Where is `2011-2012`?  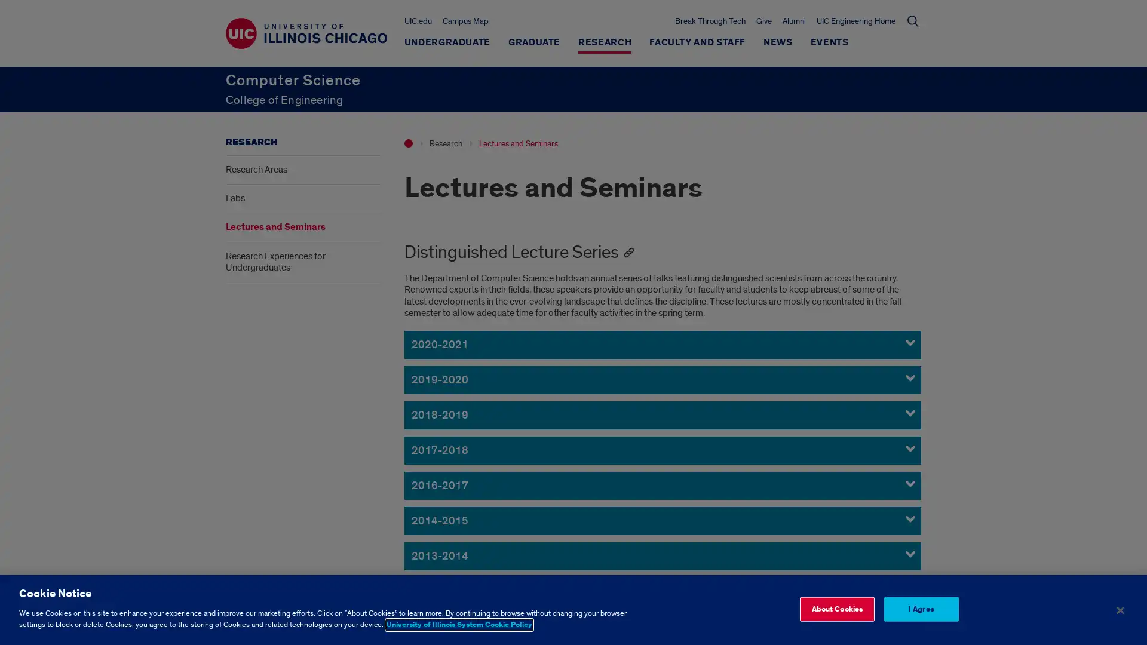
2011-2012 is located at coordinates (661, 625).